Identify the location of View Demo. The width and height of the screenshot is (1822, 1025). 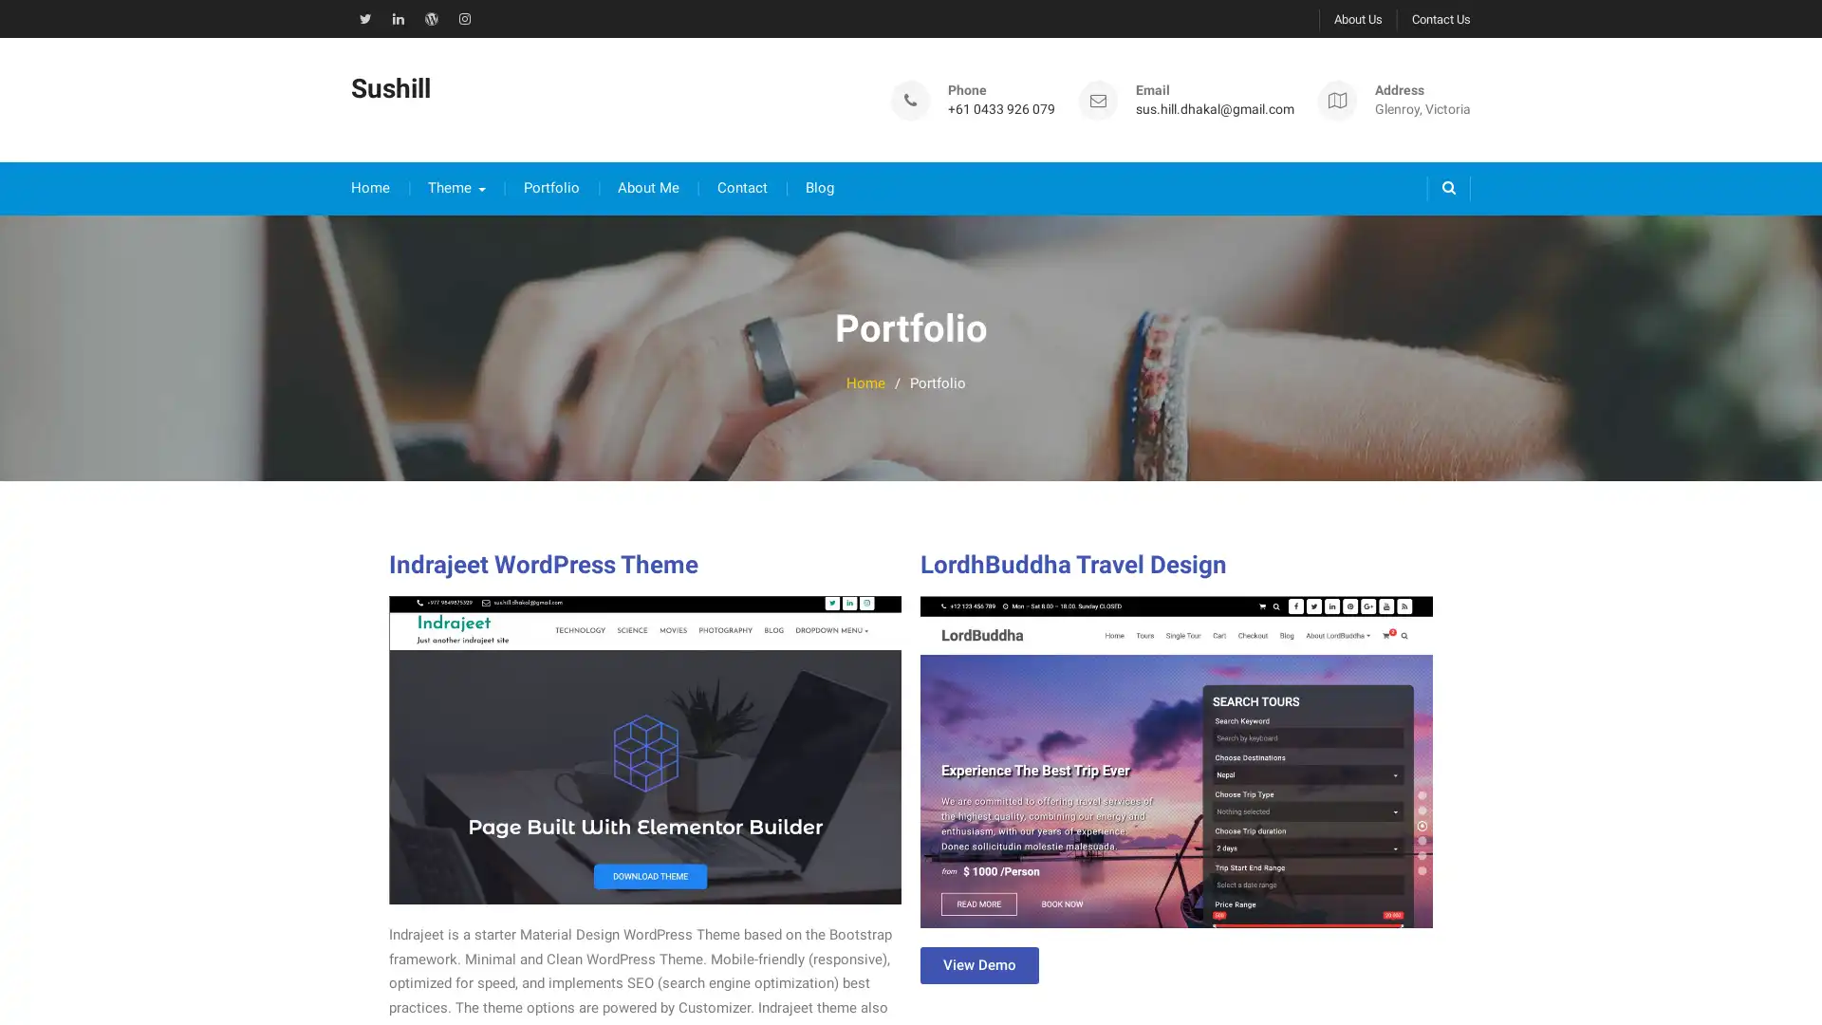
(979, 946).